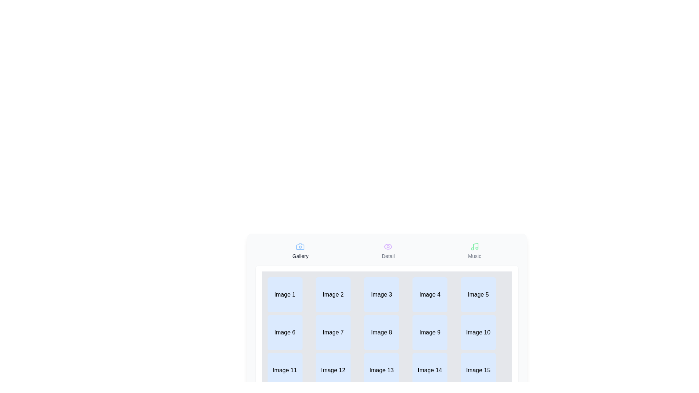  Describe the element at coordinates (474, 251) in the screenshot. I see `the tab labeled Music` at that location.